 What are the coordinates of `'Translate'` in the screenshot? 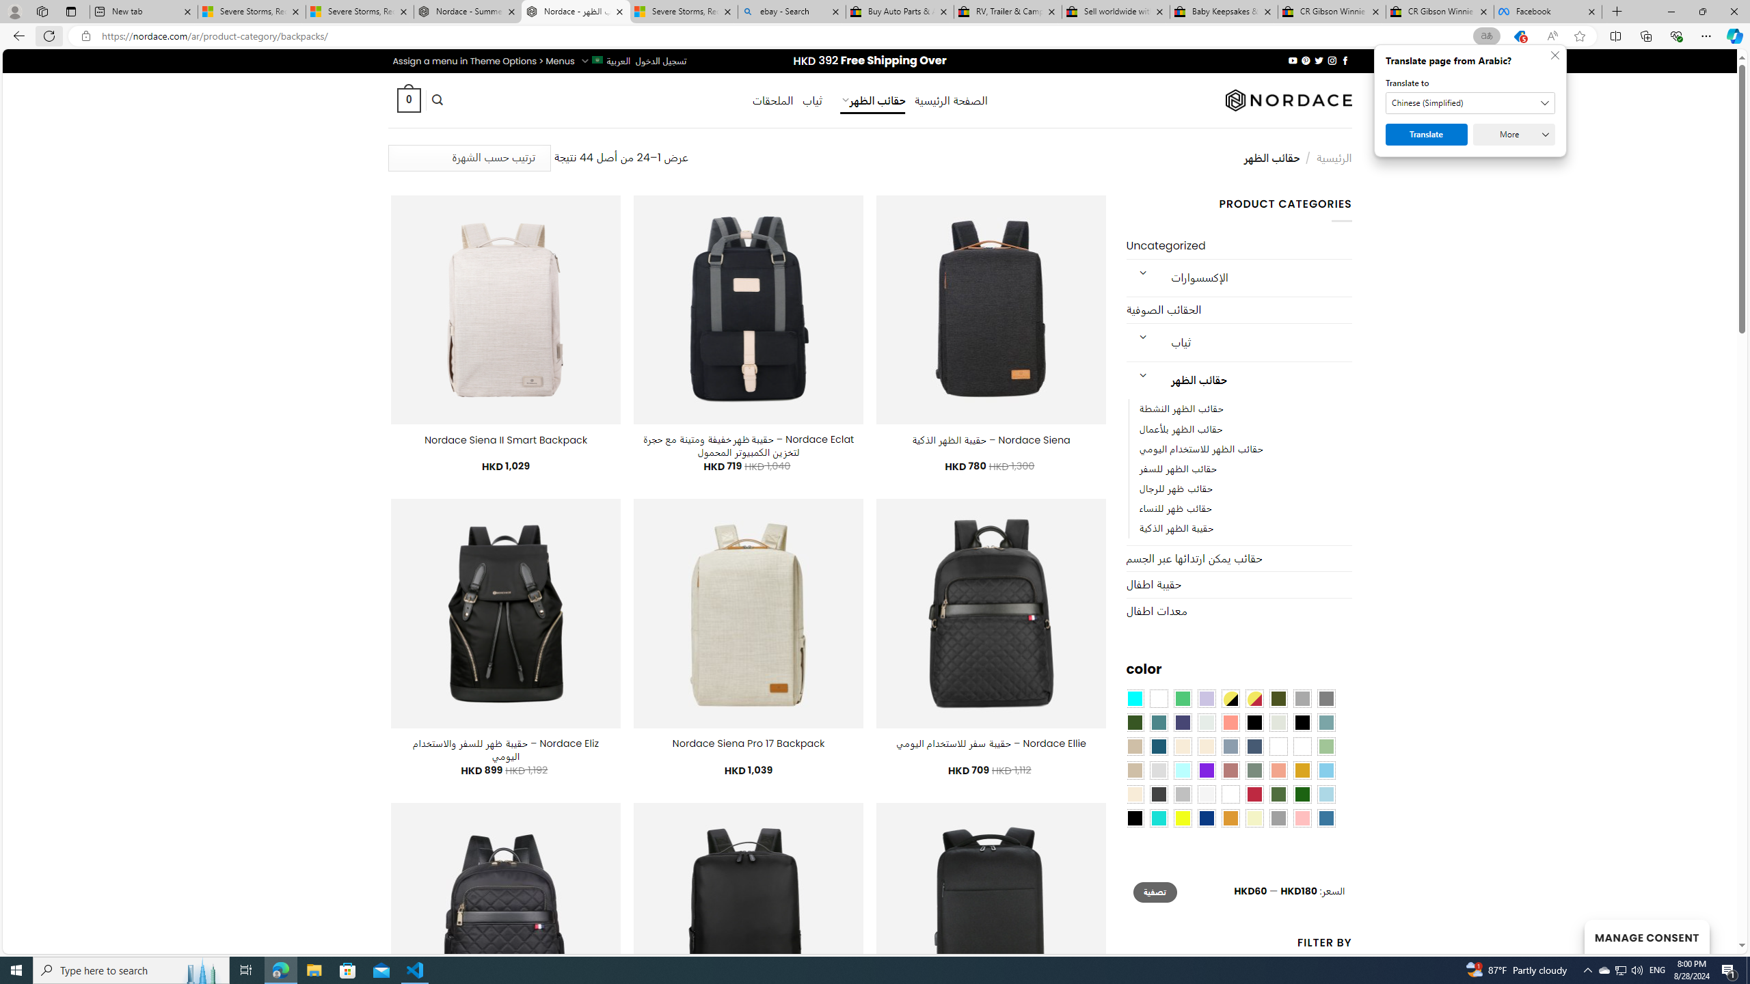 It's located at (1427, 134).